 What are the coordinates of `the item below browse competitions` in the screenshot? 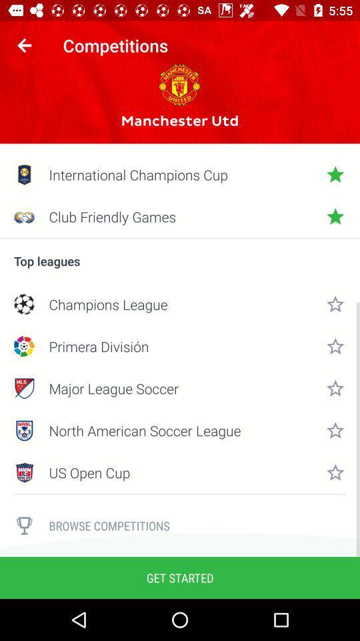 It's located at (180, 577).